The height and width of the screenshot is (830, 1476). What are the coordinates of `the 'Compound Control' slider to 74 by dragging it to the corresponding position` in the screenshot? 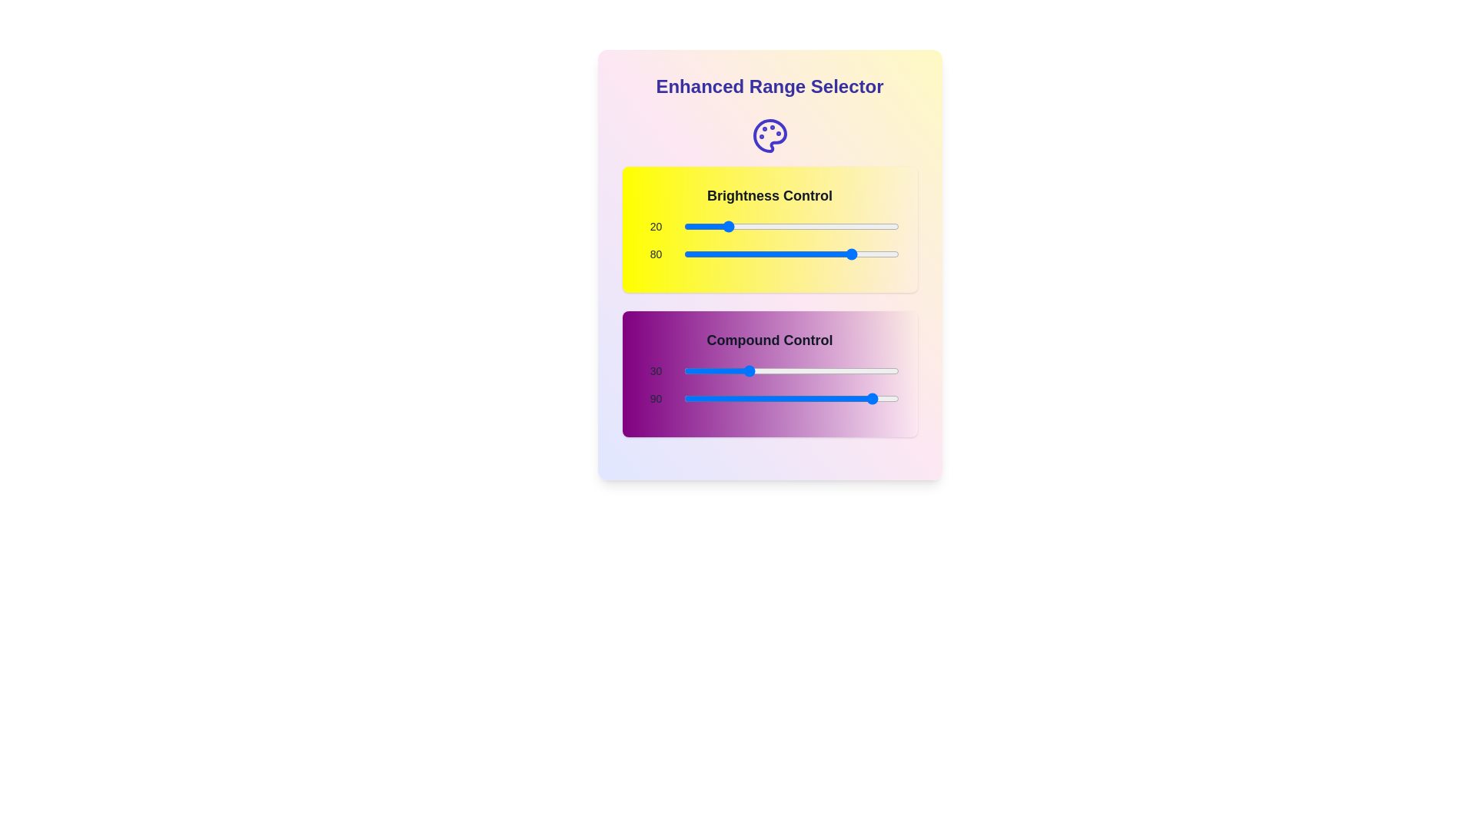 It's located at (841, 370).